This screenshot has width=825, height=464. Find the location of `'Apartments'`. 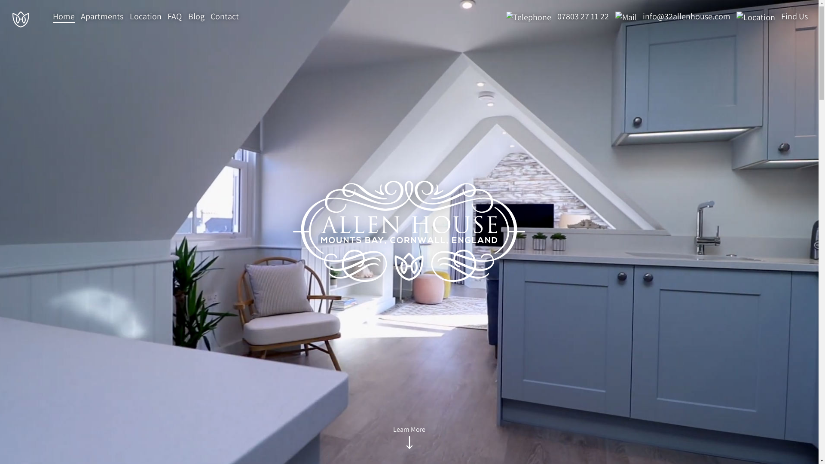

'Apartments' is located at coordinates (80, 17).